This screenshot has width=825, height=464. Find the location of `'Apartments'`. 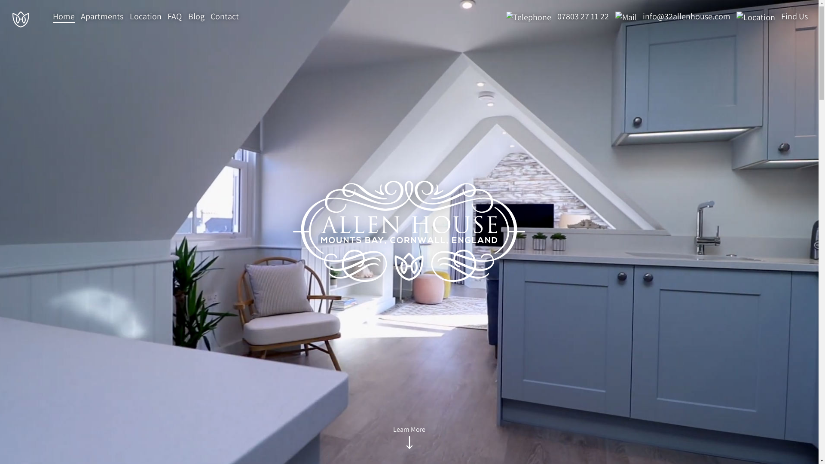

'Apartments' is located at coordinates (80, 17).